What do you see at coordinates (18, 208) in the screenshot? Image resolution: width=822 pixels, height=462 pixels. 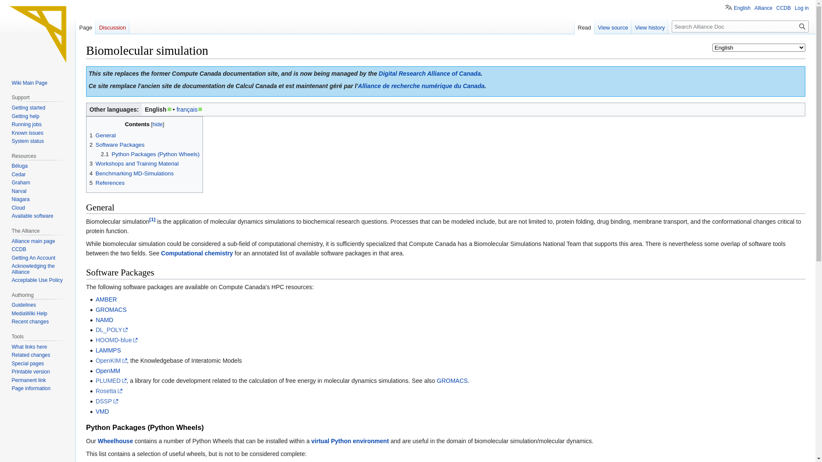 I see `'Cloud'` at bounding box center [18, 208].